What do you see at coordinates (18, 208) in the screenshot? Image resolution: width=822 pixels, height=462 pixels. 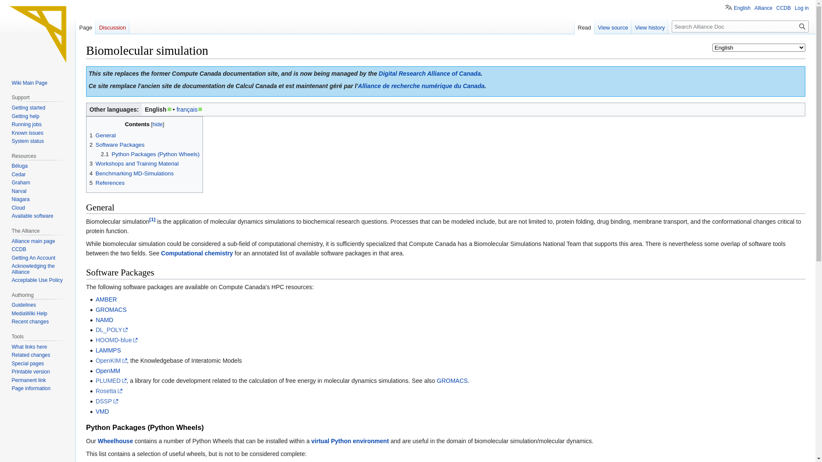 I see `'Cloud'` at bounding box center [18, 208].